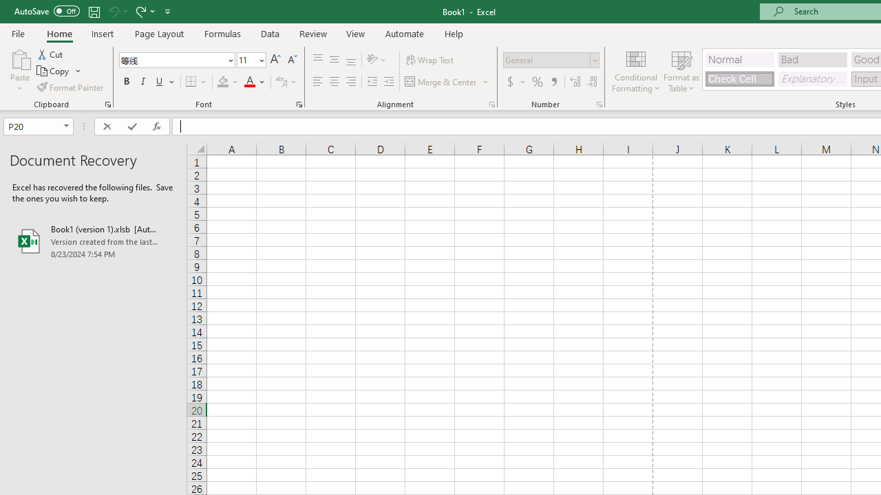 The height and width of the screenshot is (495, 881). What do you see at coordinates (275, 59) in the screenshot?
I see `'Increase Font Size'` at bounding box center [275, 59].